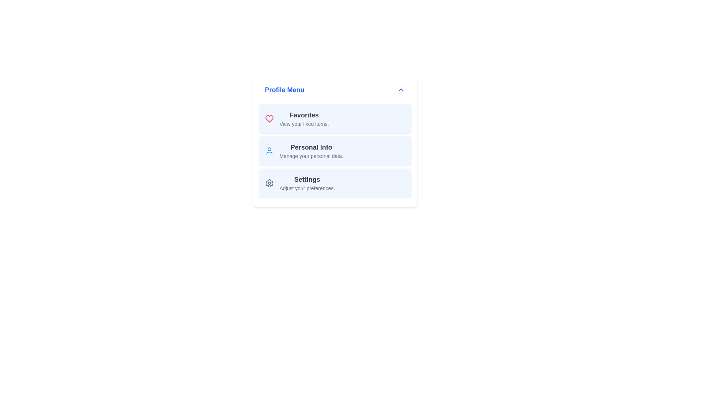 Image resolution: width=702 pixels, height=395 pixels. I want to click on the gear-shaped icon, so click(269, 183).